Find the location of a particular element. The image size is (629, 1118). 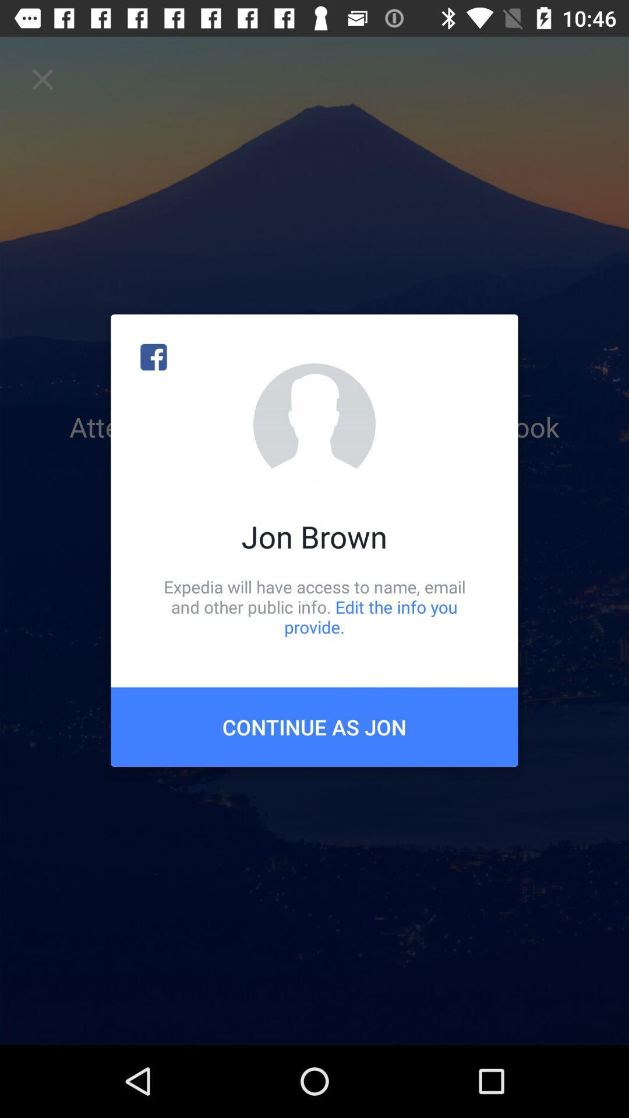

continue as jon icon is located at coordinates (314, 726).